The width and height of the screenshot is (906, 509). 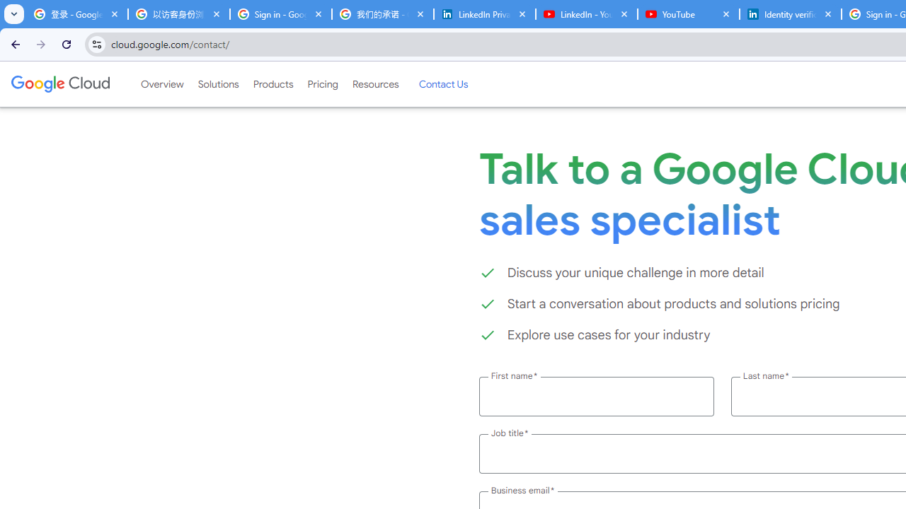 What do you see at coordinates (375, 84) in the screenshot?
I see `'Resources'` at bounding box center [375, 84].